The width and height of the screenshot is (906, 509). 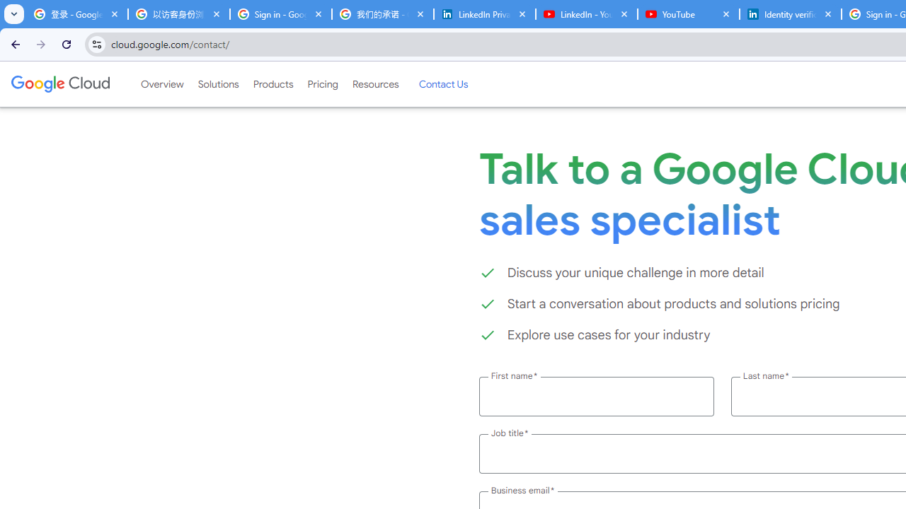 What do you see at coordinates (375, 84) in the screenshot?
I see `'Resources'` at bounding box center [375, 84].